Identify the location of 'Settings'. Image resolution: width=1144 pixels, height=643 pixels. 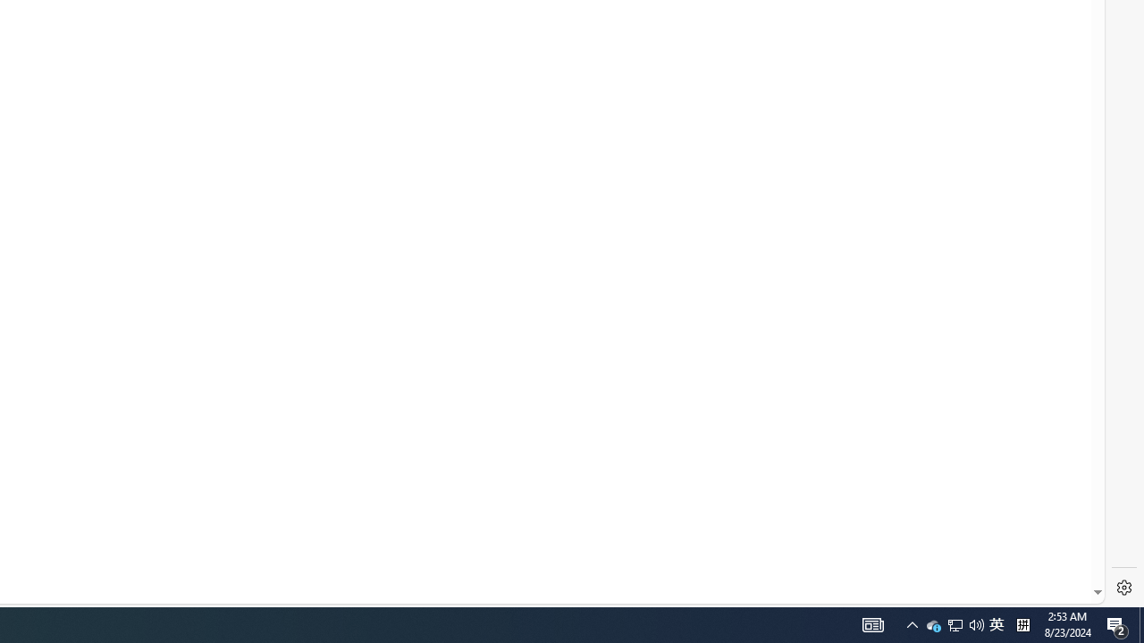
(1123, 588).